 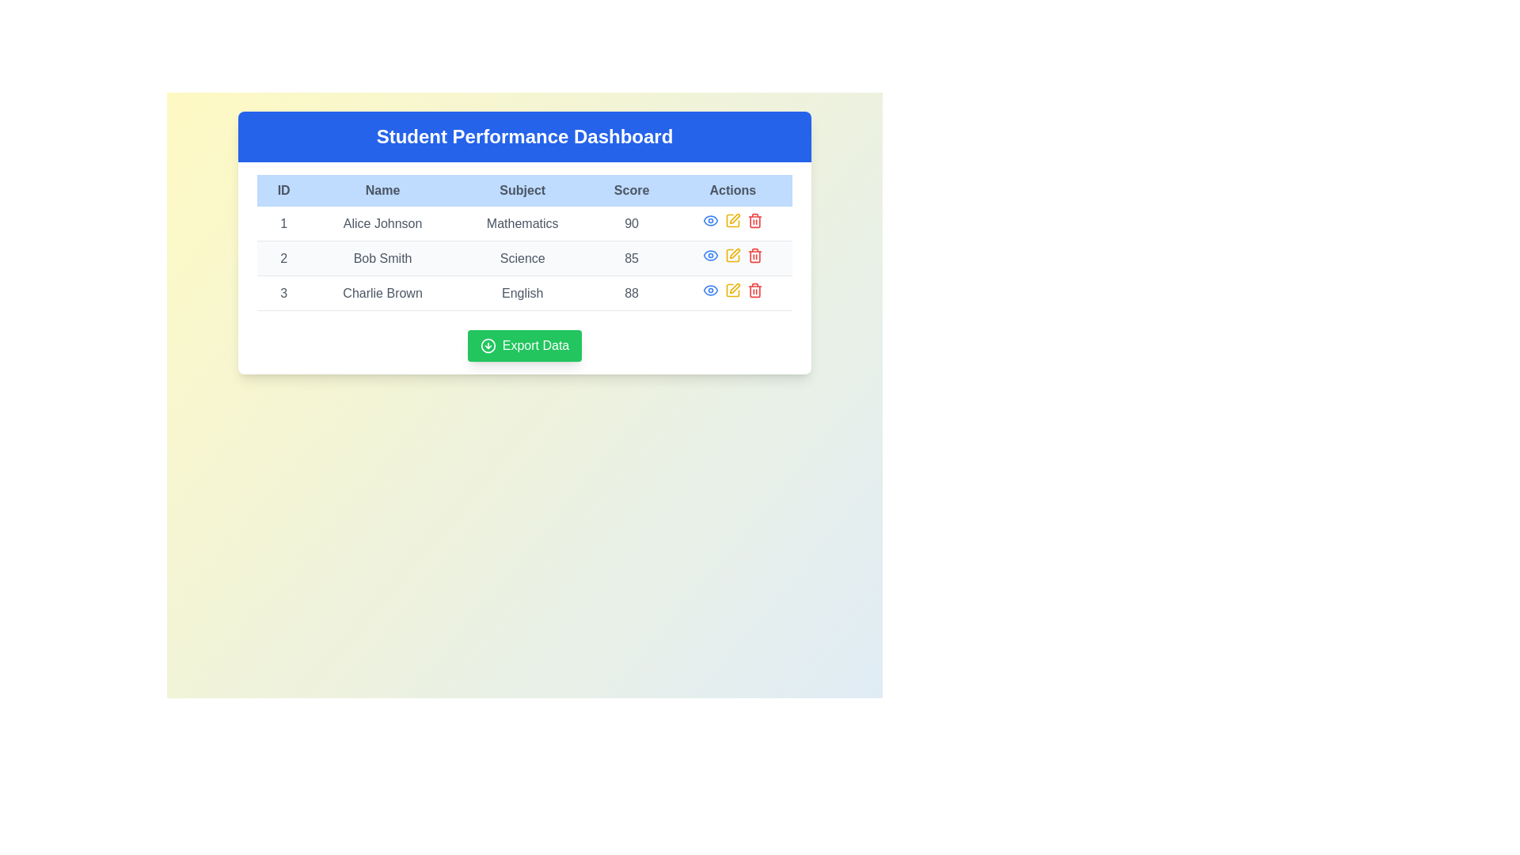 I want to click on the static score display showing '90' for 'Alice Johnson' in 'Mathematics' located in the fourth cell of the first row of the data grid, so click(x=631, y=223).